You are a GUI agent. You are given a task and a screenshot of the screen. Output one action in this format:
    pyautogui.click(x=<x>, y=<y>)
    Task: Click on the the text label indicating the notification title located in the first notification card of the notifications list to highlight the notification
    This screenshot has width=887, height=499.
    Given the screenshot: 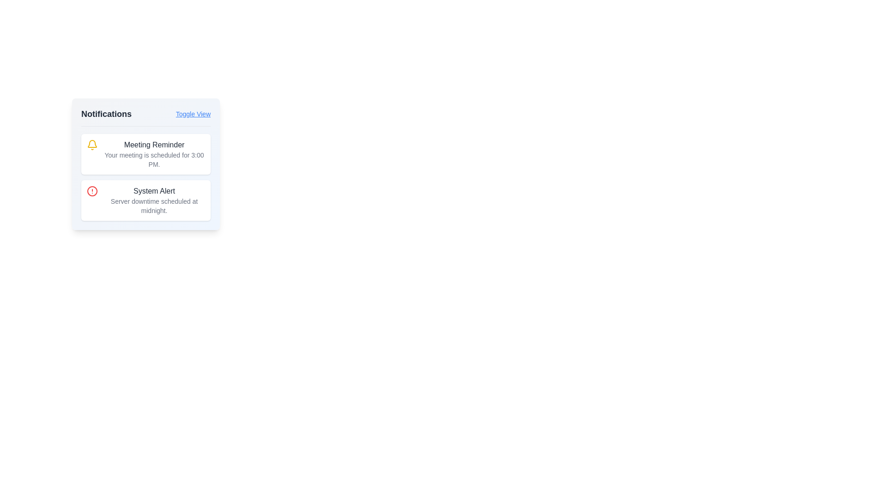 What is the action you would take?
    pyautogui.click(x=154, y=145)
    